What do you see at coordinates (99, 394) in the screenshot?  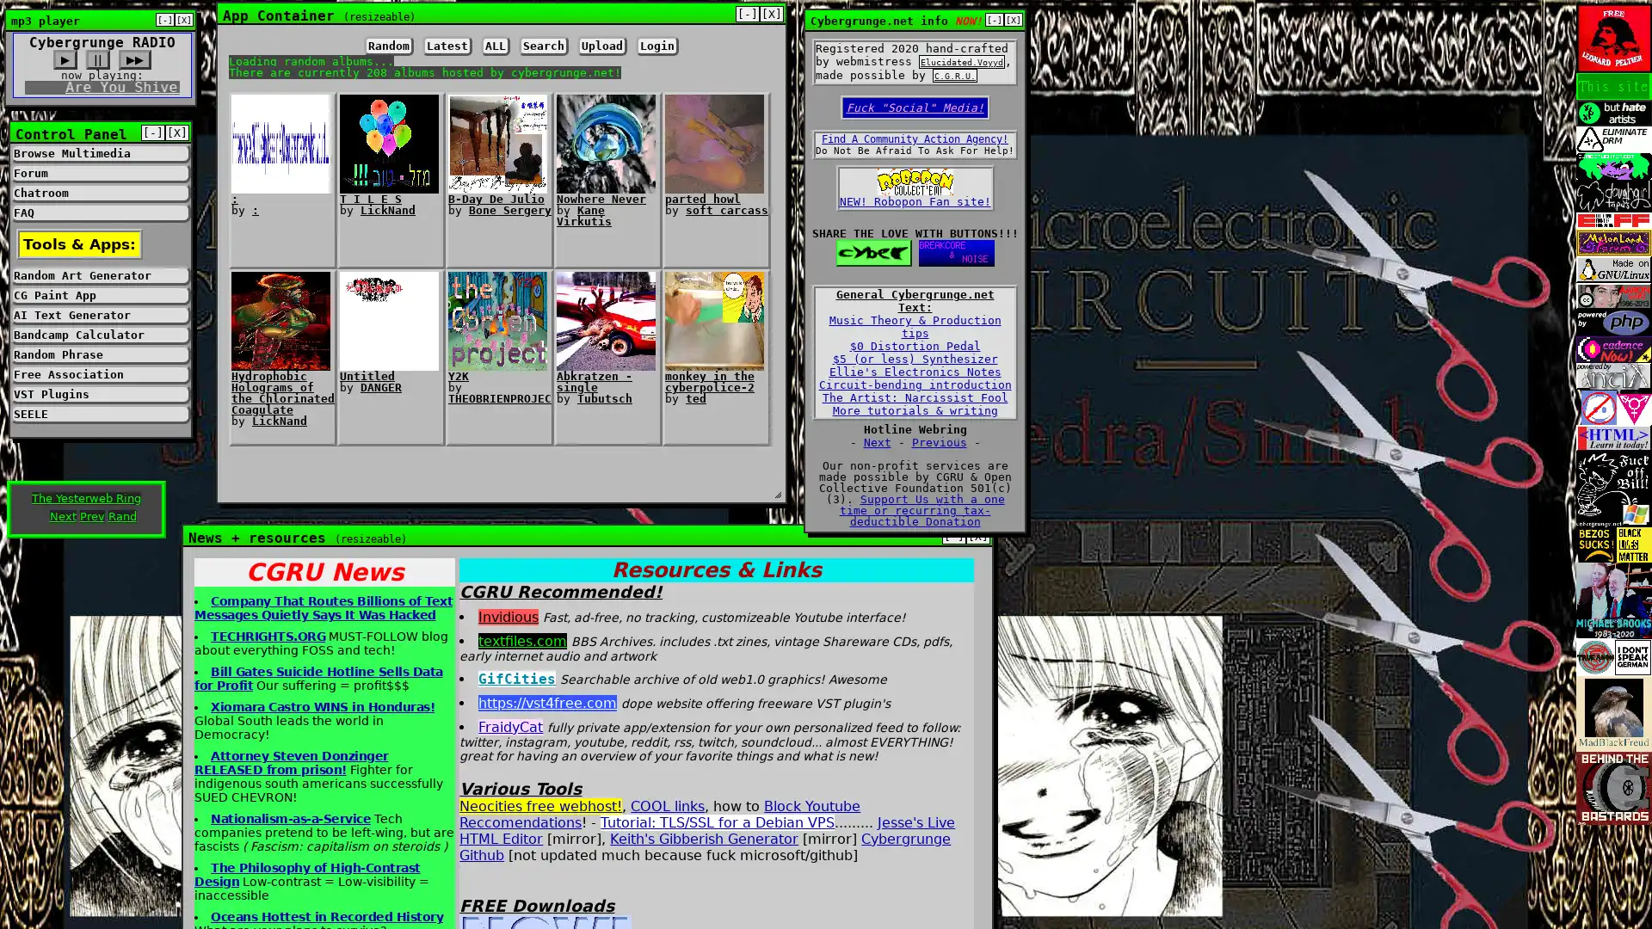 I see `VST Plugins` at bounding box center [99, 394].